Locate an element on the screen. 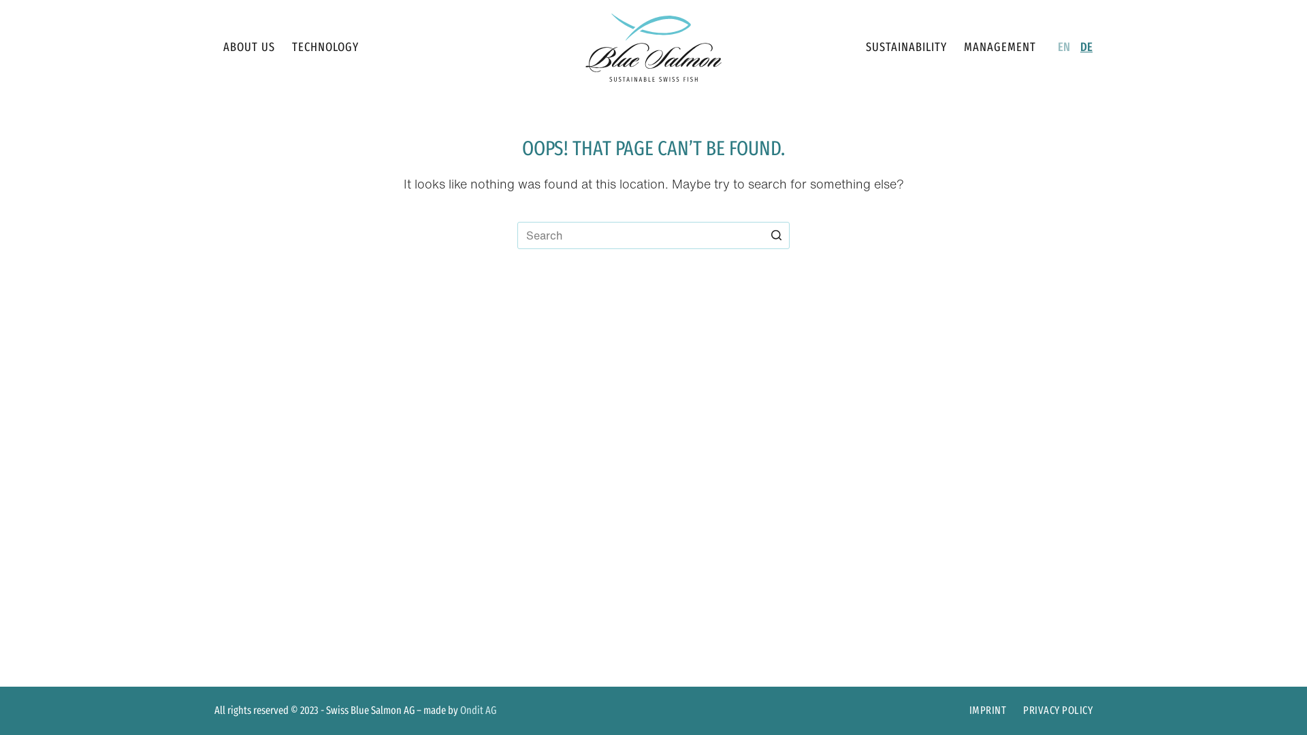 Image resolution: width=1307 pixels, height=735 pixels. 'DE' is located at coordinates (1086, 46).